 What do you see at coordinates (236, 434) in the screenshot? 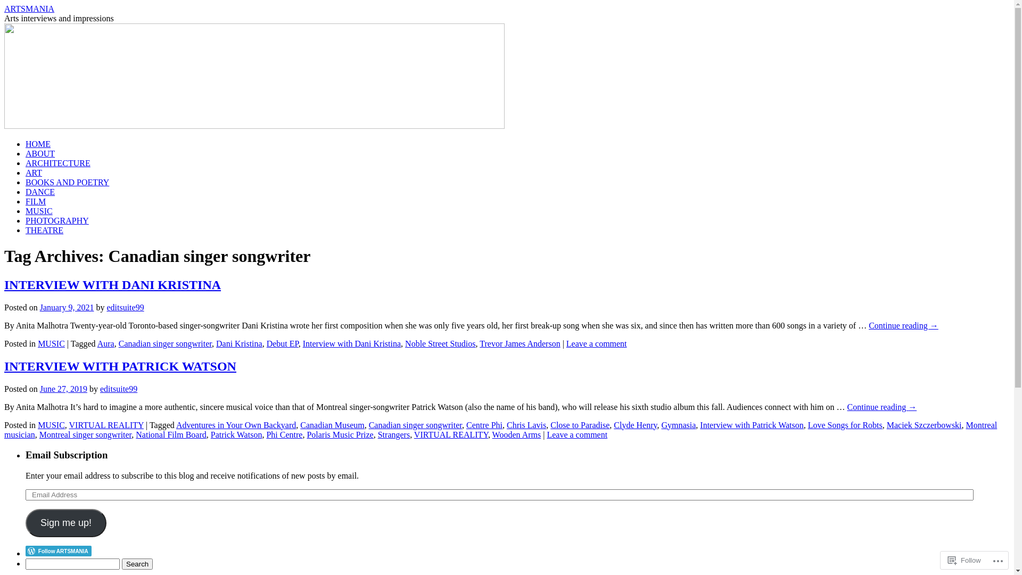
I see `'Patrick Watson'` at bounding box center [236, 434].